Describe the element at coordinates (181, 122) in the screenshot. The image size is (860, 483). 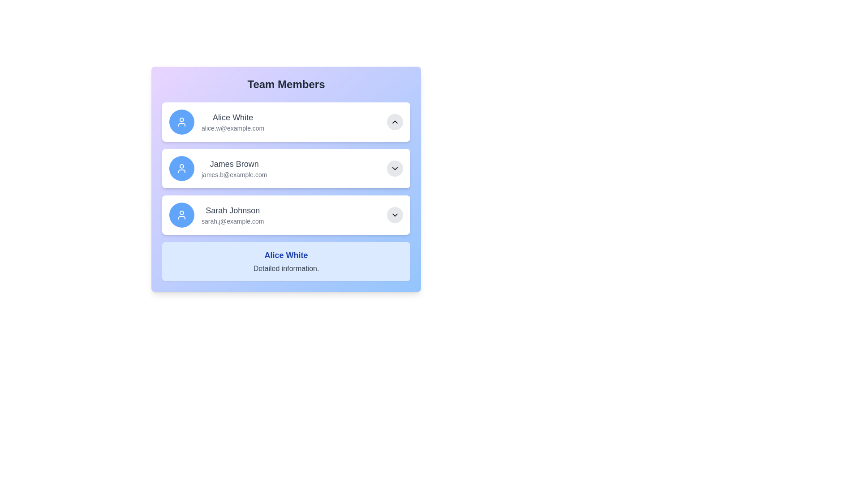
I see `the user profile icon representing Alice White, located centrally in the first row of user entries` at that location.